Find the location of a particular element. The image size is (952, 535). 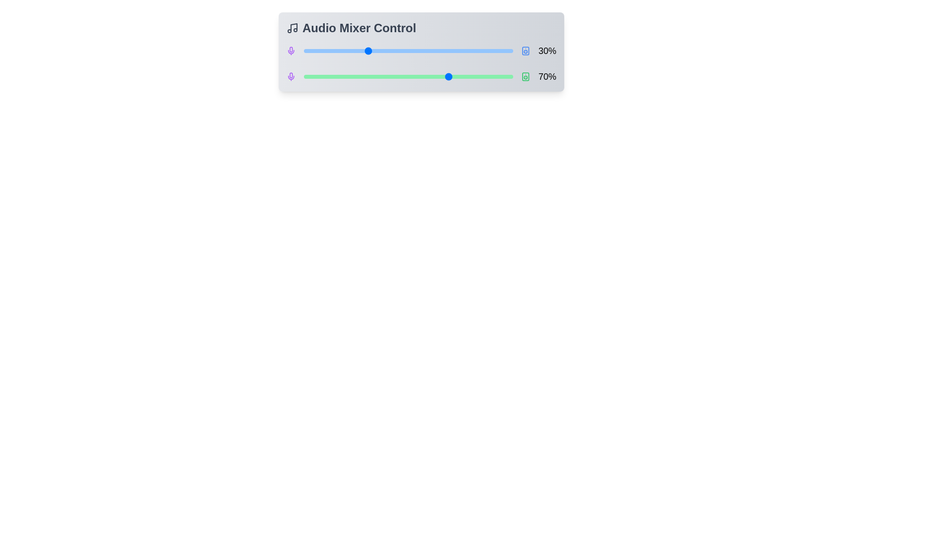

the slider is located at coordinates (395, 51).